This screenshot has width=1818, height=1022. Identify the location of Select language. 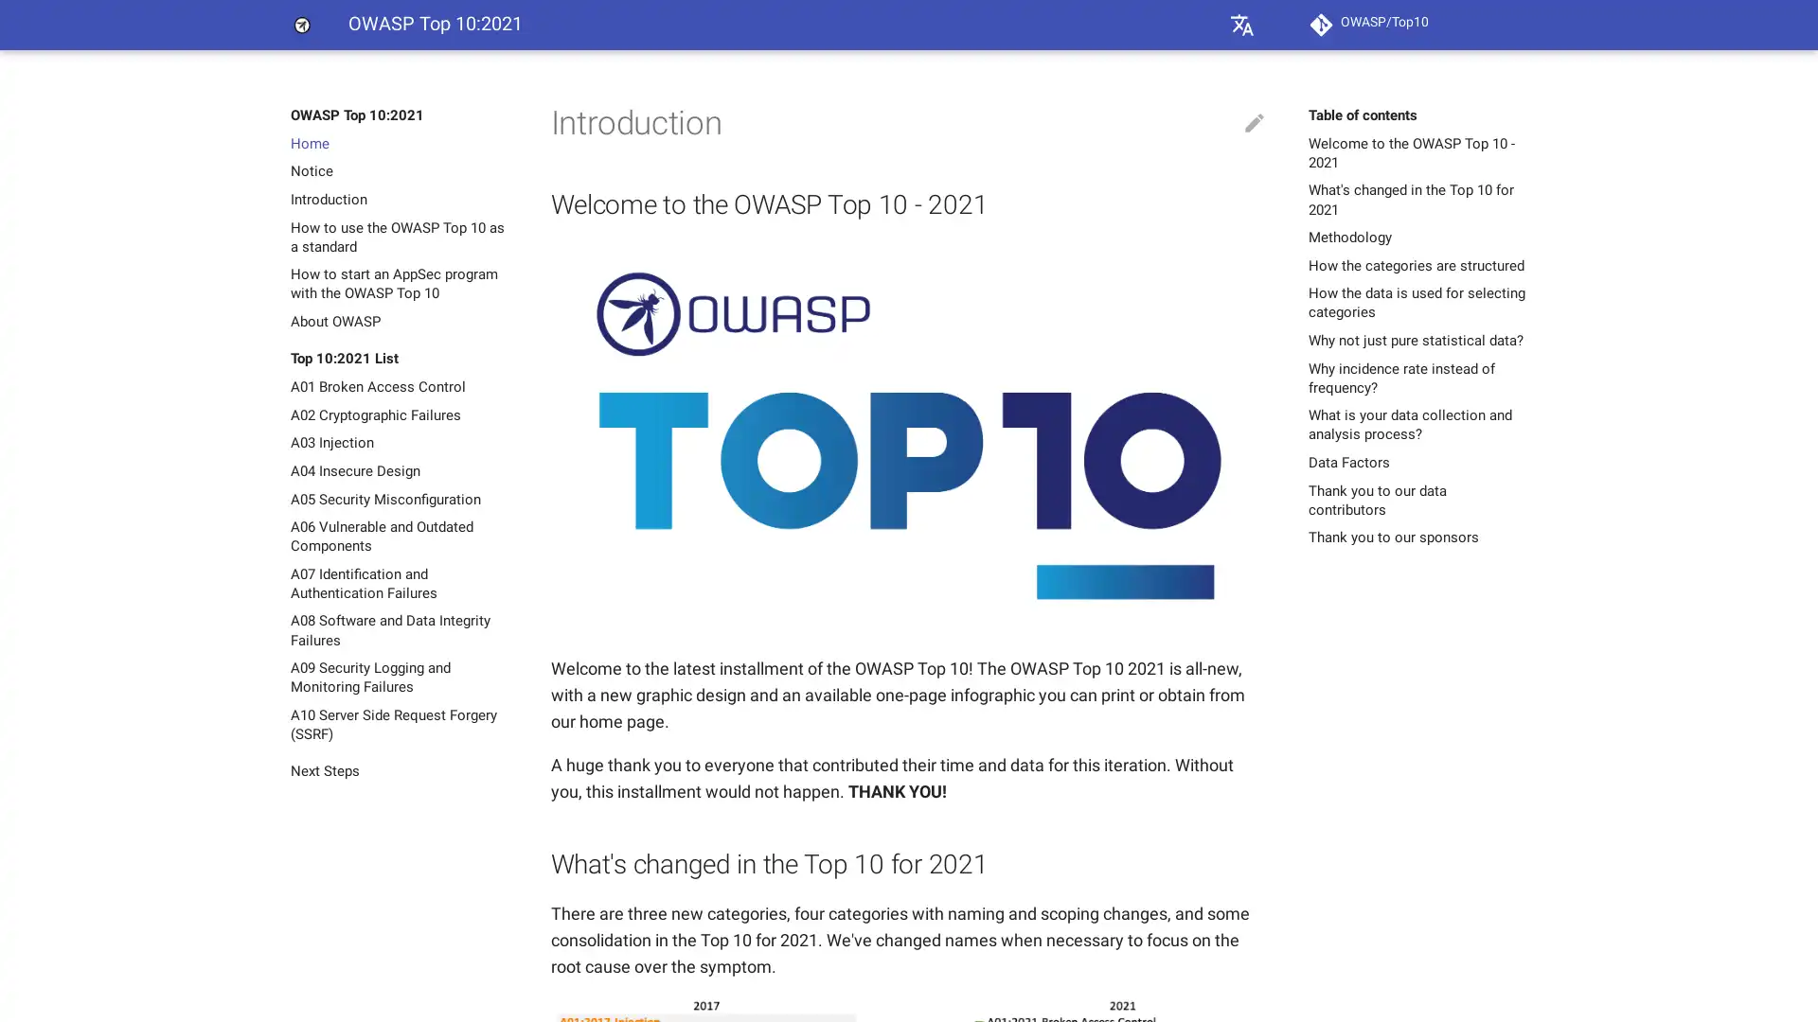
(1241, 25).